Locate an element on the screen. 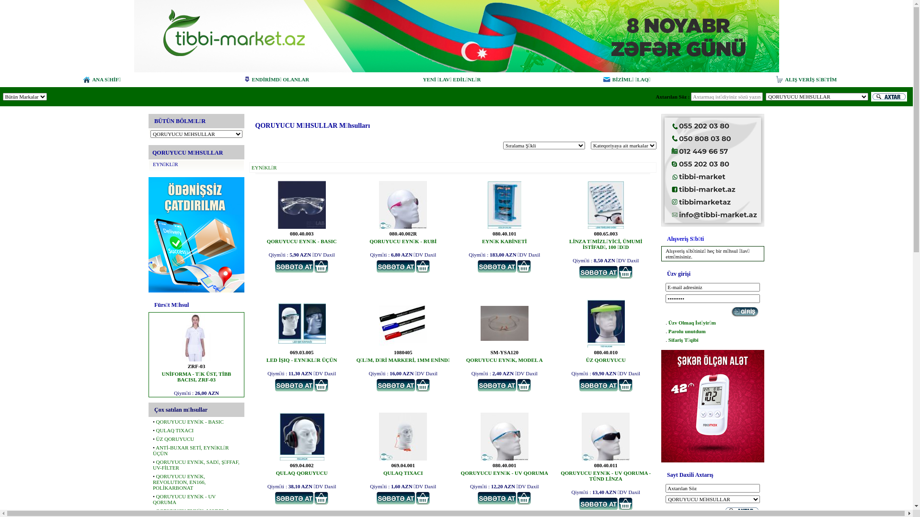  'QULAQ QORUYUCU' is located at coordinates (301, 472).